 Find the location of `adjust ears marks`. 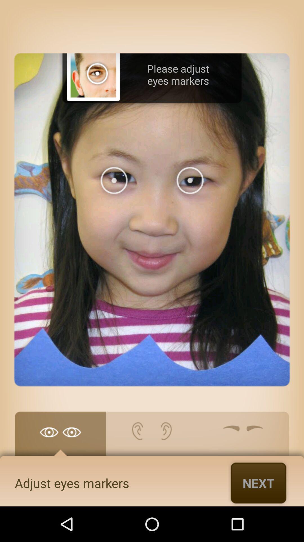

adjust ears marks is located at coordinates (151, 436).